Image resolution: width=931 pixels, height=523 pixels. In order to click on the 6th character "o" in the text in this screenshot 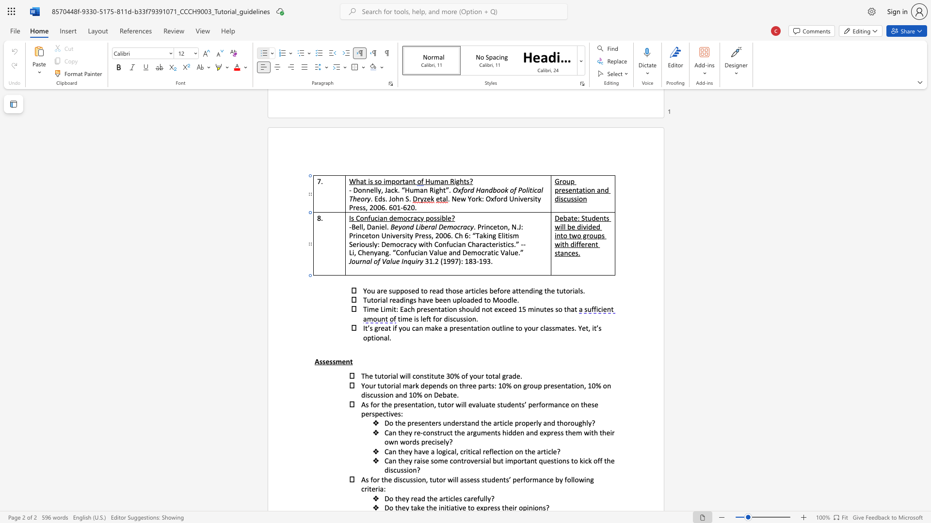, I will do `click(576, 460)`.